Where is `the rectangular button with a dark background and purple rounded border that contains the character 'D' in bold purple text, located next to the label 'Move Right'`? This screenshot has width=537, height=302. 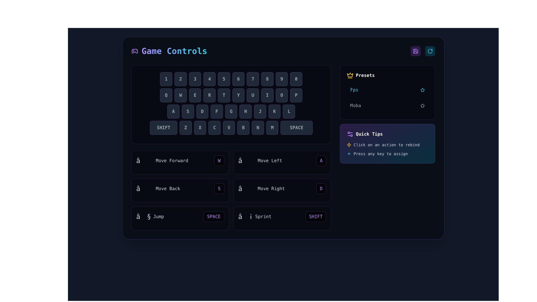 the rectangular button with a dark background and purple rounded border that contains the character 'D' in bold purple text, located next to the label 'Move Right' is located at coordinates (321, 189).